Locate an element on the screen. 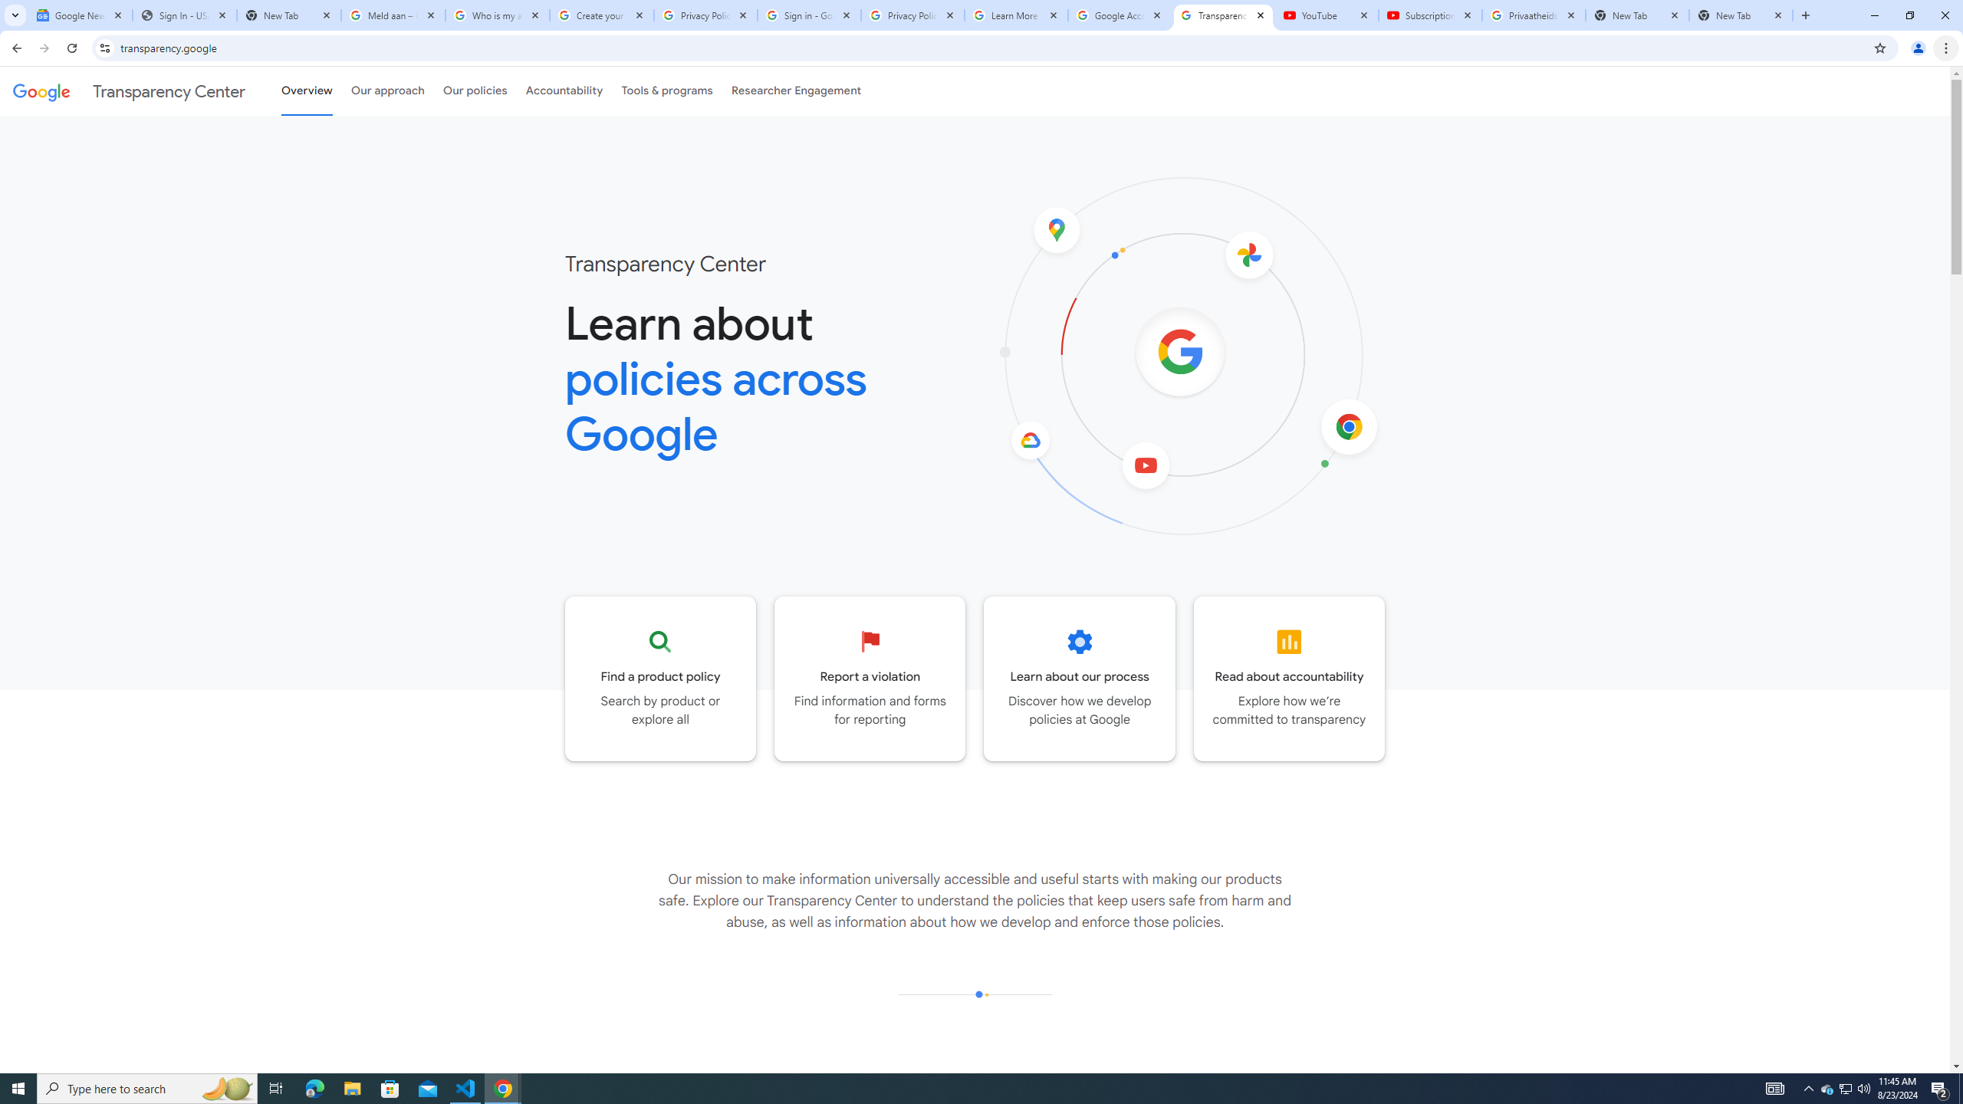 This screenshot has width=1963, height=1104. 'Subscriptions - YouTube' is located at coordinates (1431, 15).